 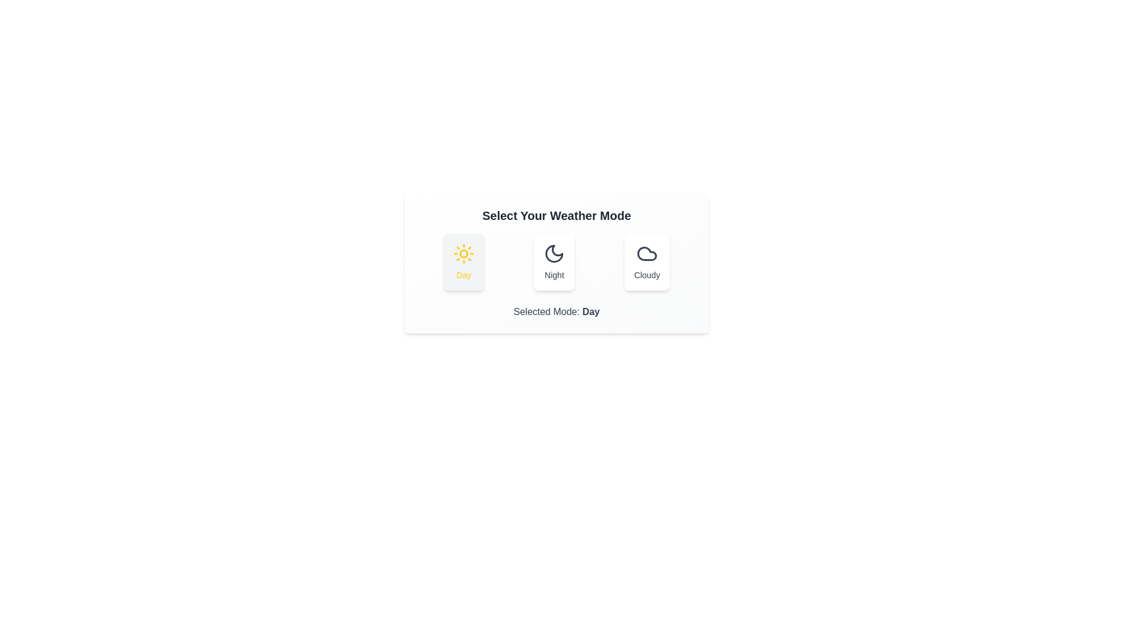 I want to click on the weather icon and its corresponding label for Night, so click(x=554, y=261).